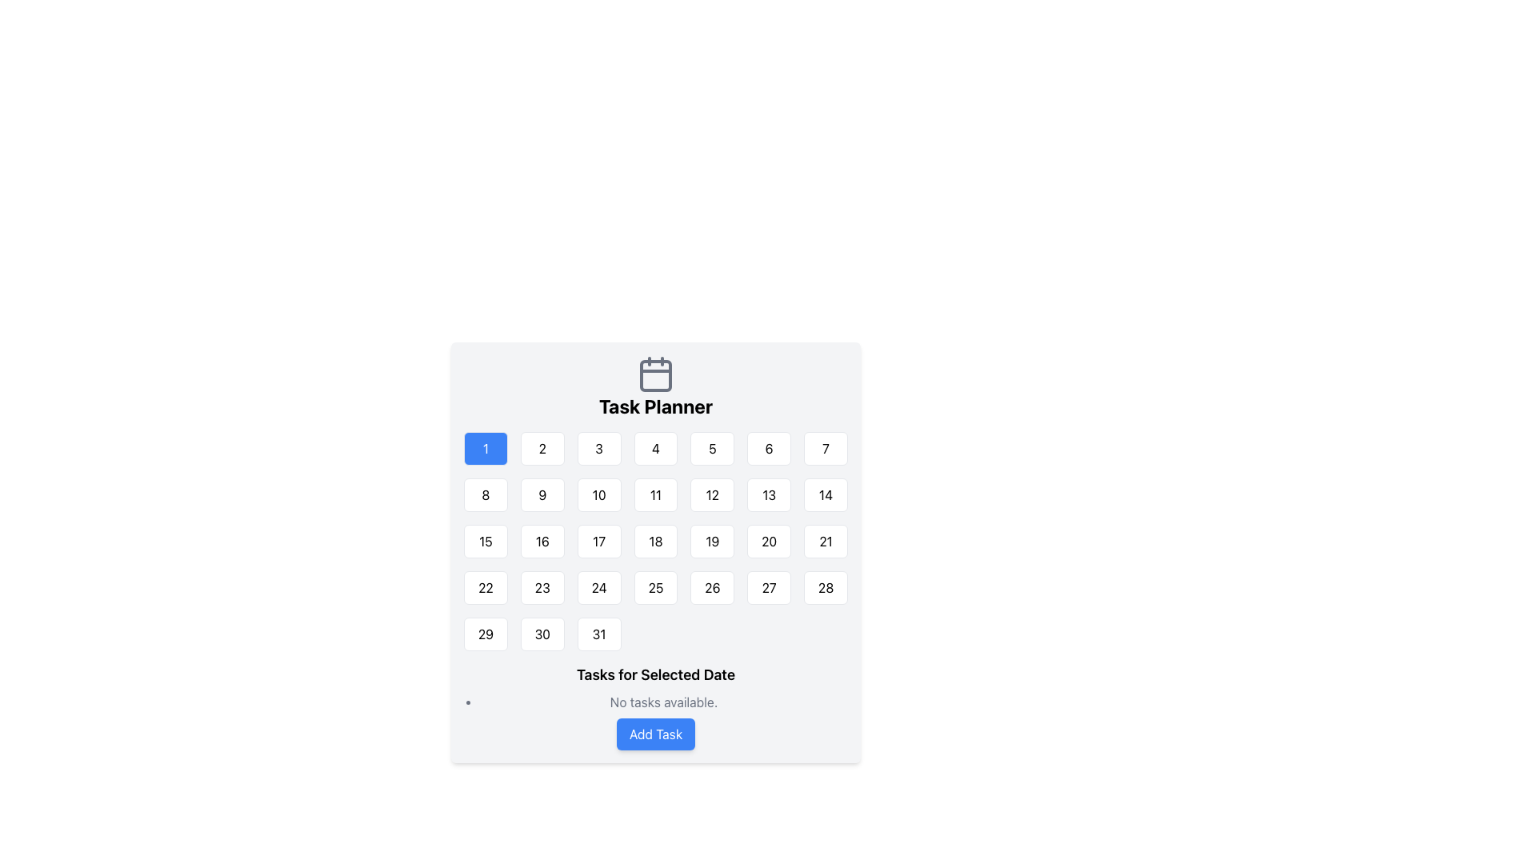 Image resolution: width=1536 pixels, height=864 pixels. Describe the element at coordinates (598, 494) in the screenshot. I see `the date '10' button in the calendar interface` at that location.